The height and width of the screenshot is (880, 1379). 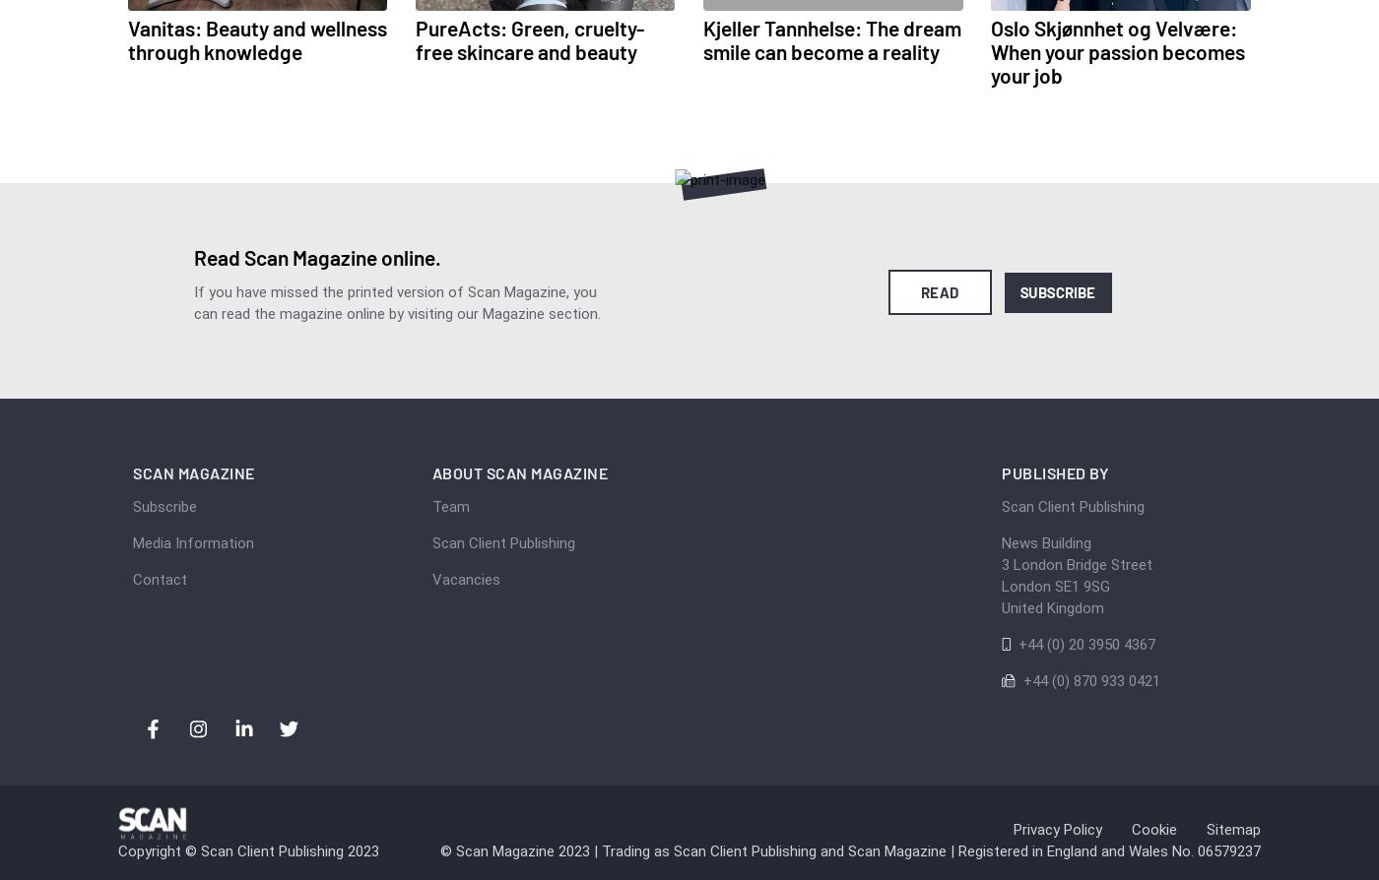 I want to click on 'If you have missed the printed version of Scan Magazine, you can read the magazine online by visiting our Magazine section.', so click(x=397, y=301).